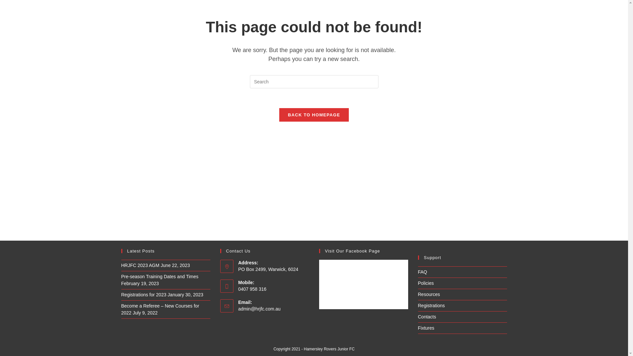  What do you see at coordinates (417, 328) in the screenshot?
I see `'Fixtures'` at bounding box center [417, 328].